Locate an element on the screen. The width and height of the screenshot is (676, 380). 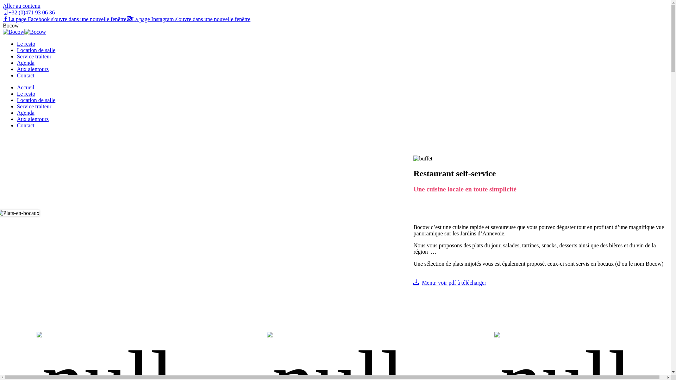
'+32 (0)471 93 06 36' is located at coordinates (28, 12).